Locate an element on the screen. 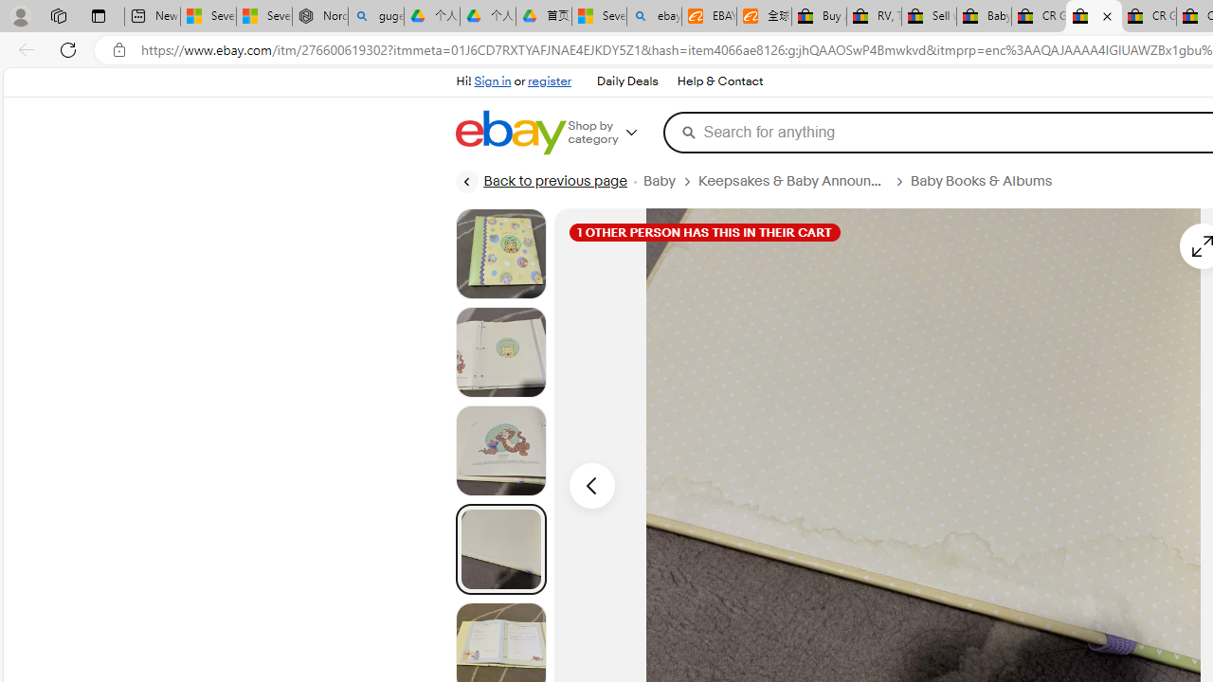  'eBay Home' is located at coordinates (510, 132).